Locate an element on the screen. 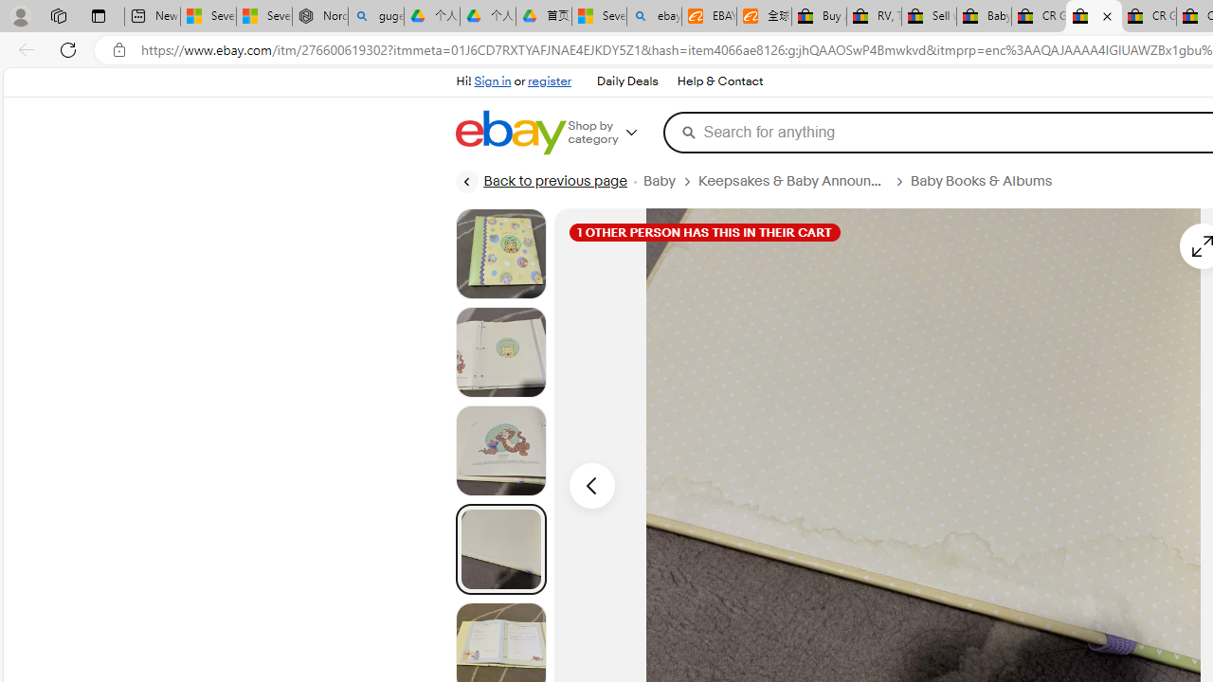  'eBay Home' is located at coordinates (510, 132).